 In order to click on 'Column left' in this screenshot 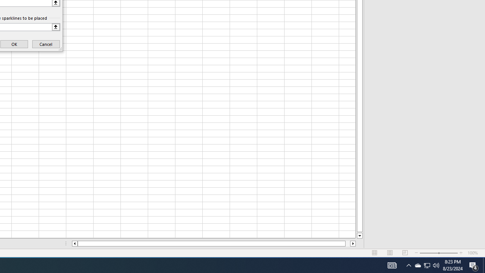, I will do `click(74, 243)`.